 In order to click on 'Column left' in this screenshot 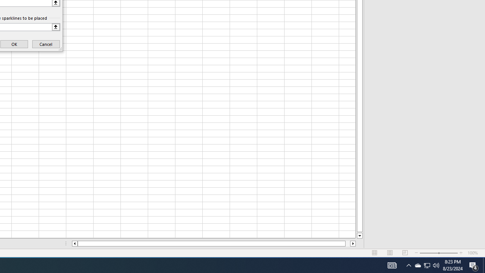, I will do `click(74, 243)`.